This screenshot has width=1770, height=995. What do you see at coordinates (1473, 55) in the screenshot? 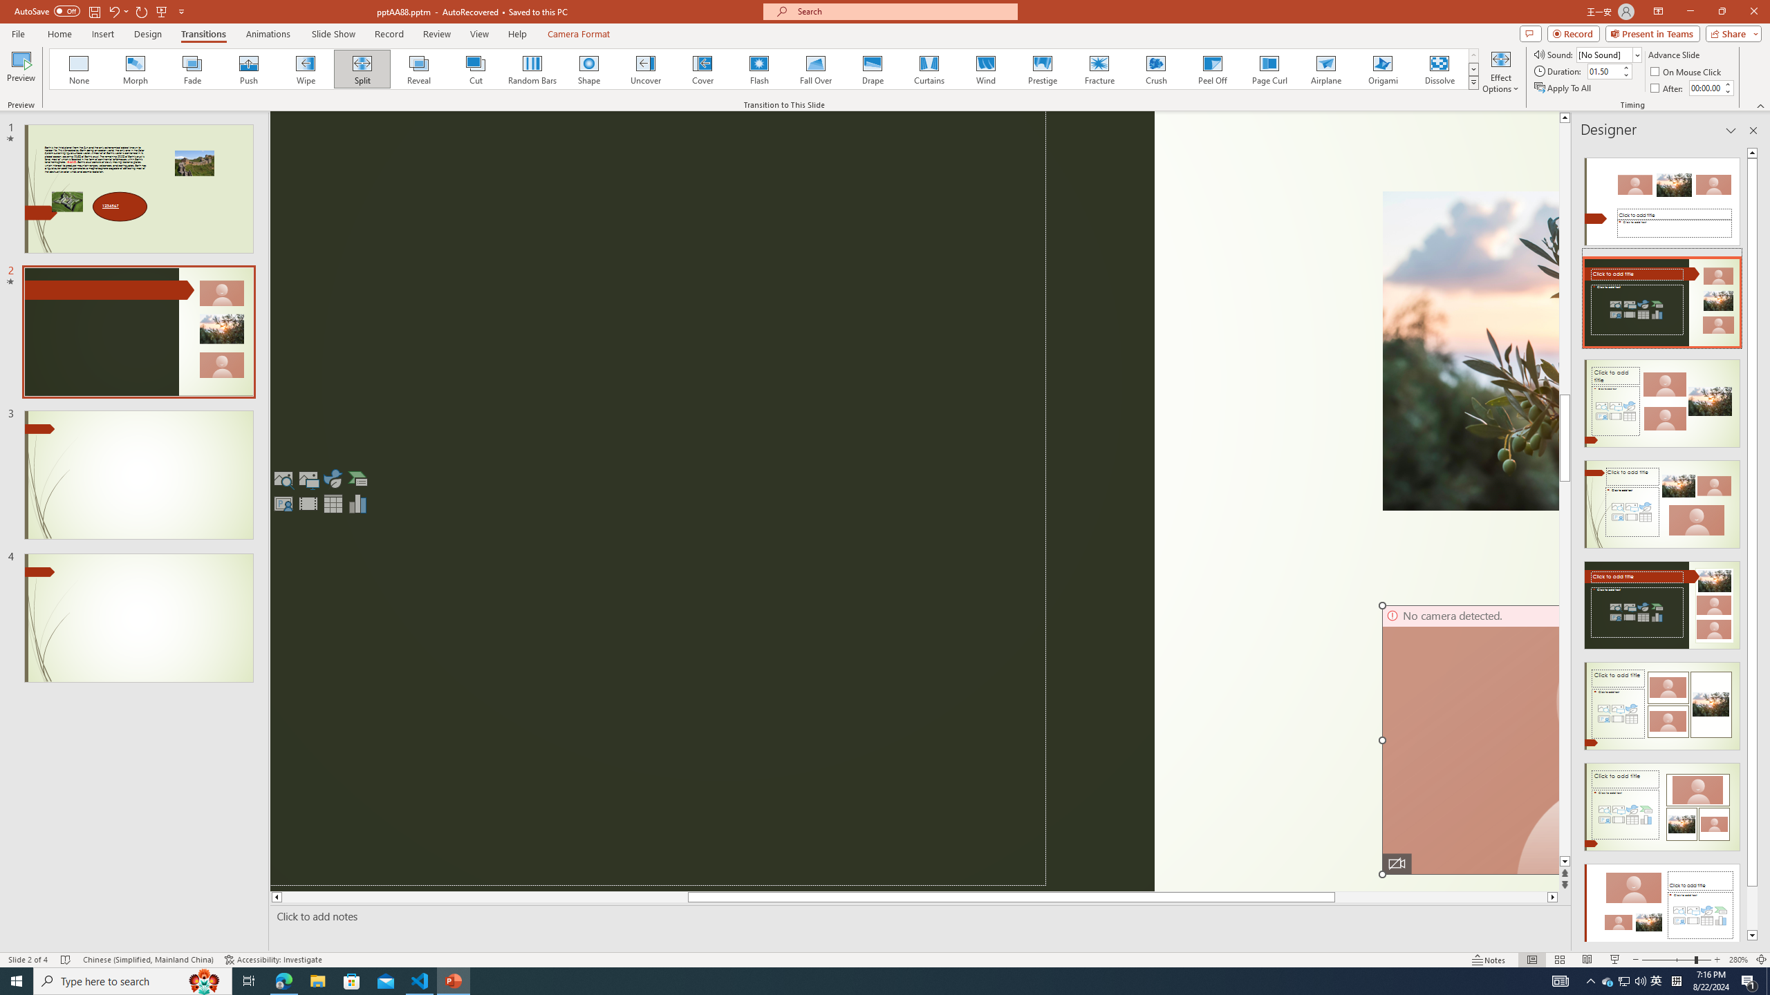
I see `'Row up'` at bounding box center [1473, 55].